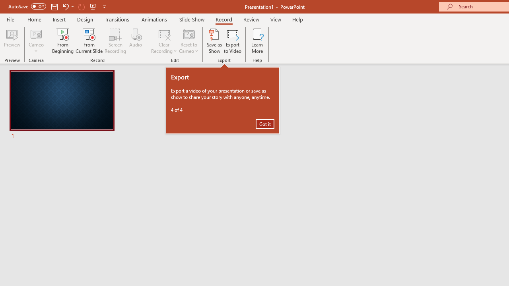  What do you see at coordinates (59, 19) in the screenshot?
I see `'Insert'` at bounding box center [59, 19].